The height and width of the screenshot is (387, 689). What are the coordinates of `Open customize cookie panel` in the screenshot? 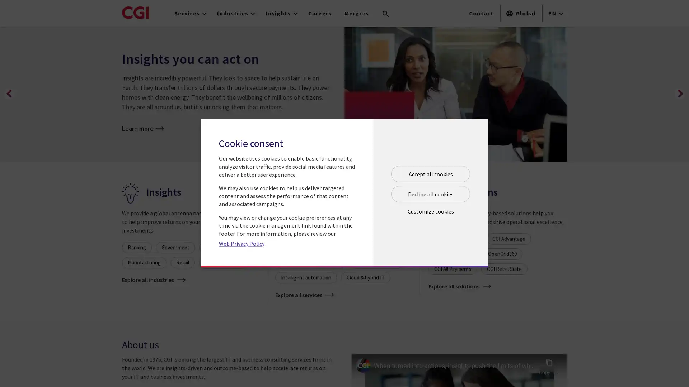 It's located at (431, 212).